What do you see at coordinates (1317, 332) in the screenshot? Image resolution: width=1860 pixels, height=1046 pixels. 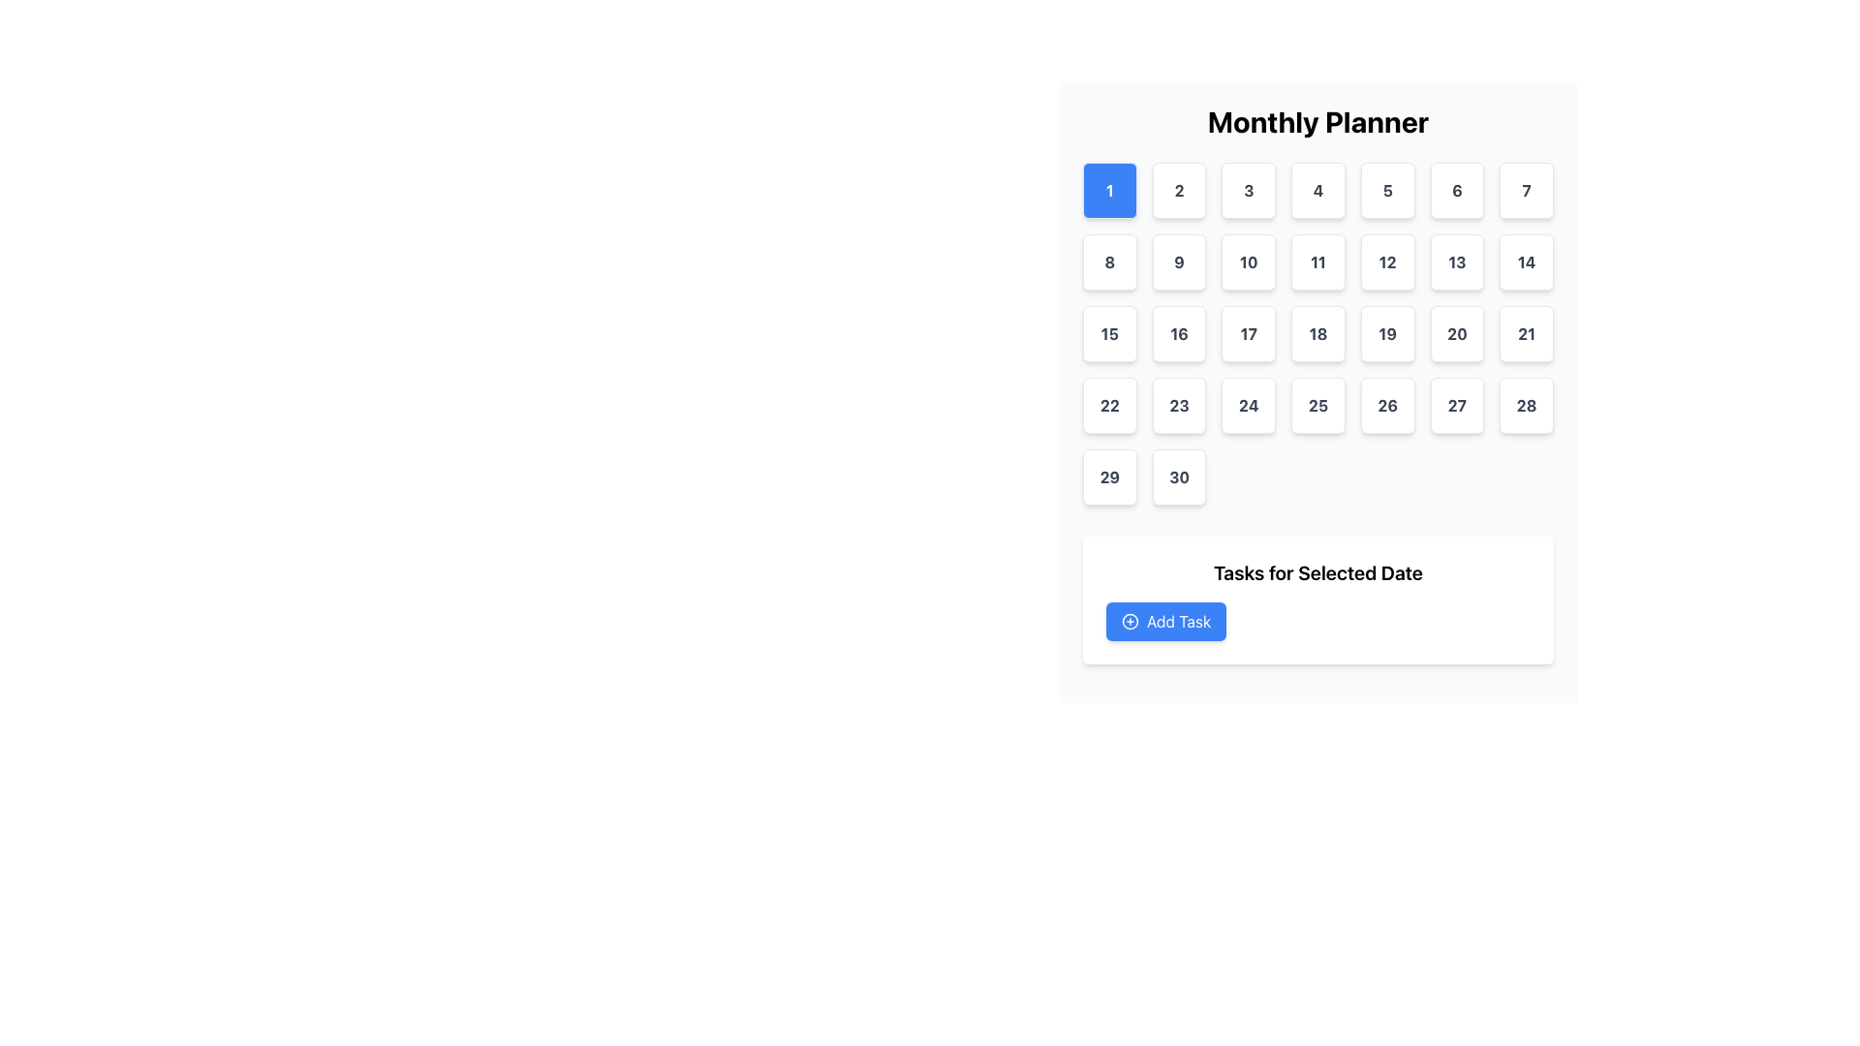 I see `the interactive calendar date entry for the 18th day of the month` at bounding box center [1317, 332].